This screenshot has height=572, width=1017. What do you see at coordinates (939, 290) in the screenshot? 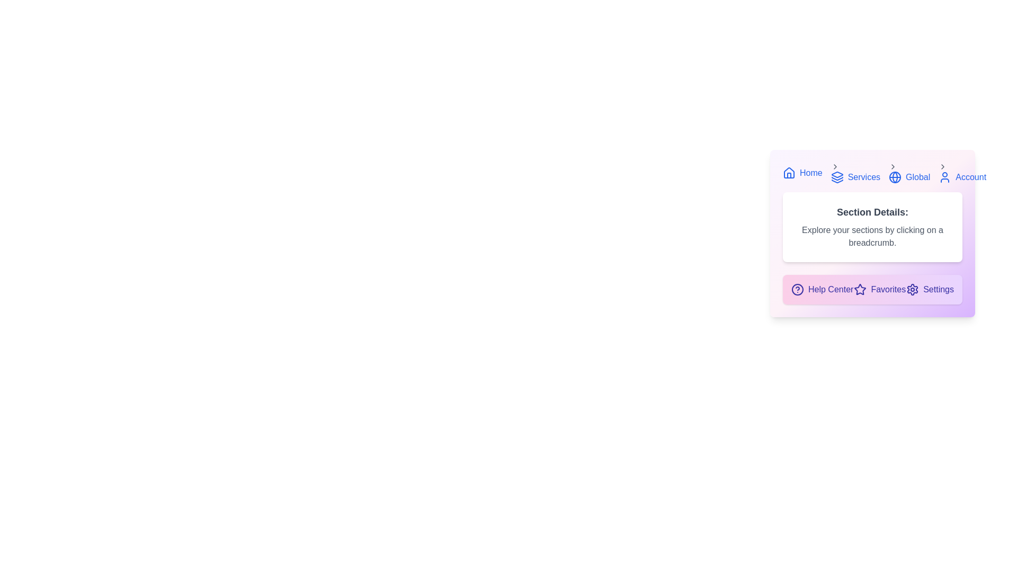
I see `the 'Settings' text label styled in blue font located on a faintly purple background at the bottom-right of the card-like interface` at bounding box center [939, 290].